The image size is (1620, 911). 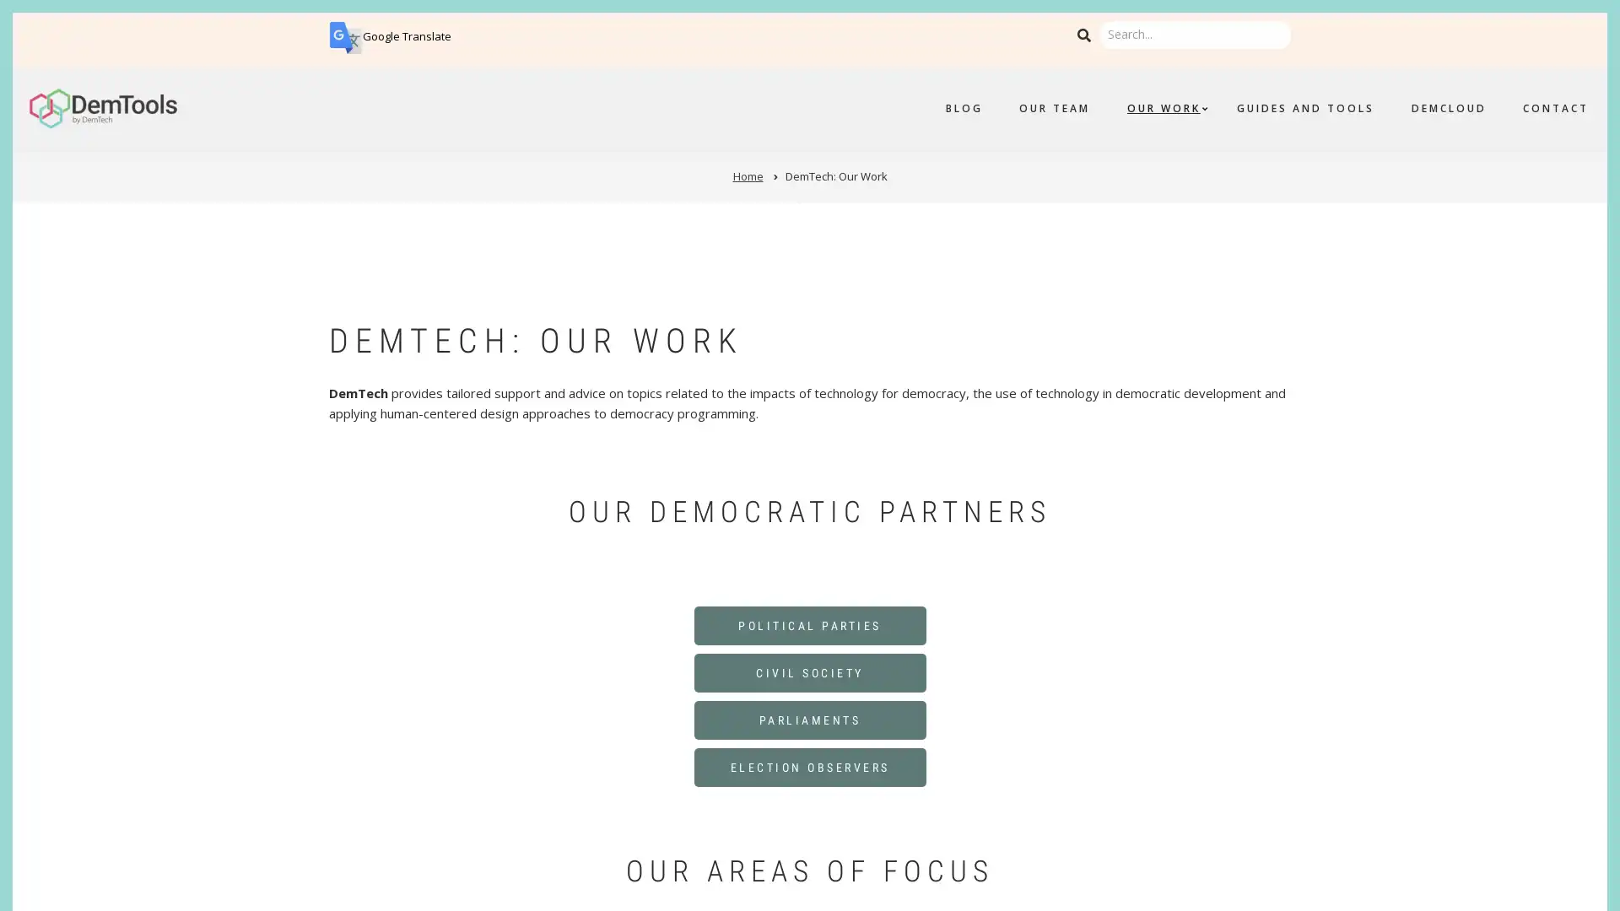 What do you see at coordinates (1083, 35) in the screenshot?
I see `Search` at bounding box center [1083, 35].